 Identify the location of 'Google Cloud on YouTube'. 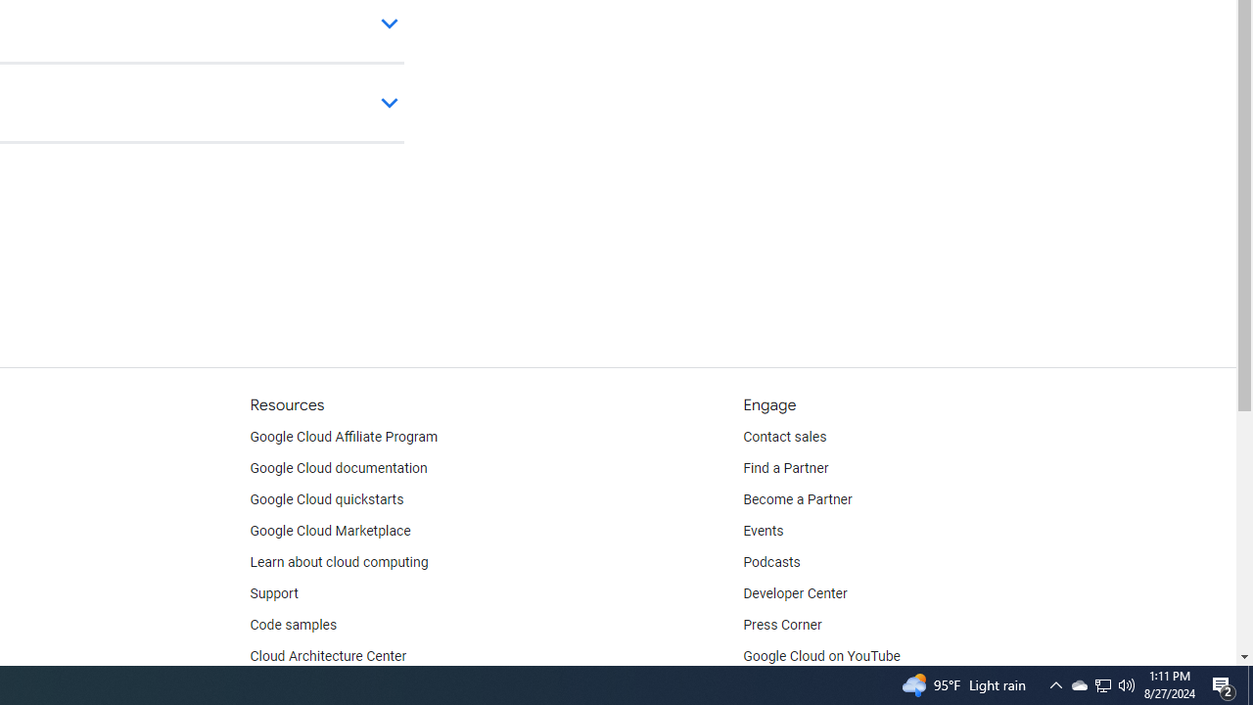
(821, 657).